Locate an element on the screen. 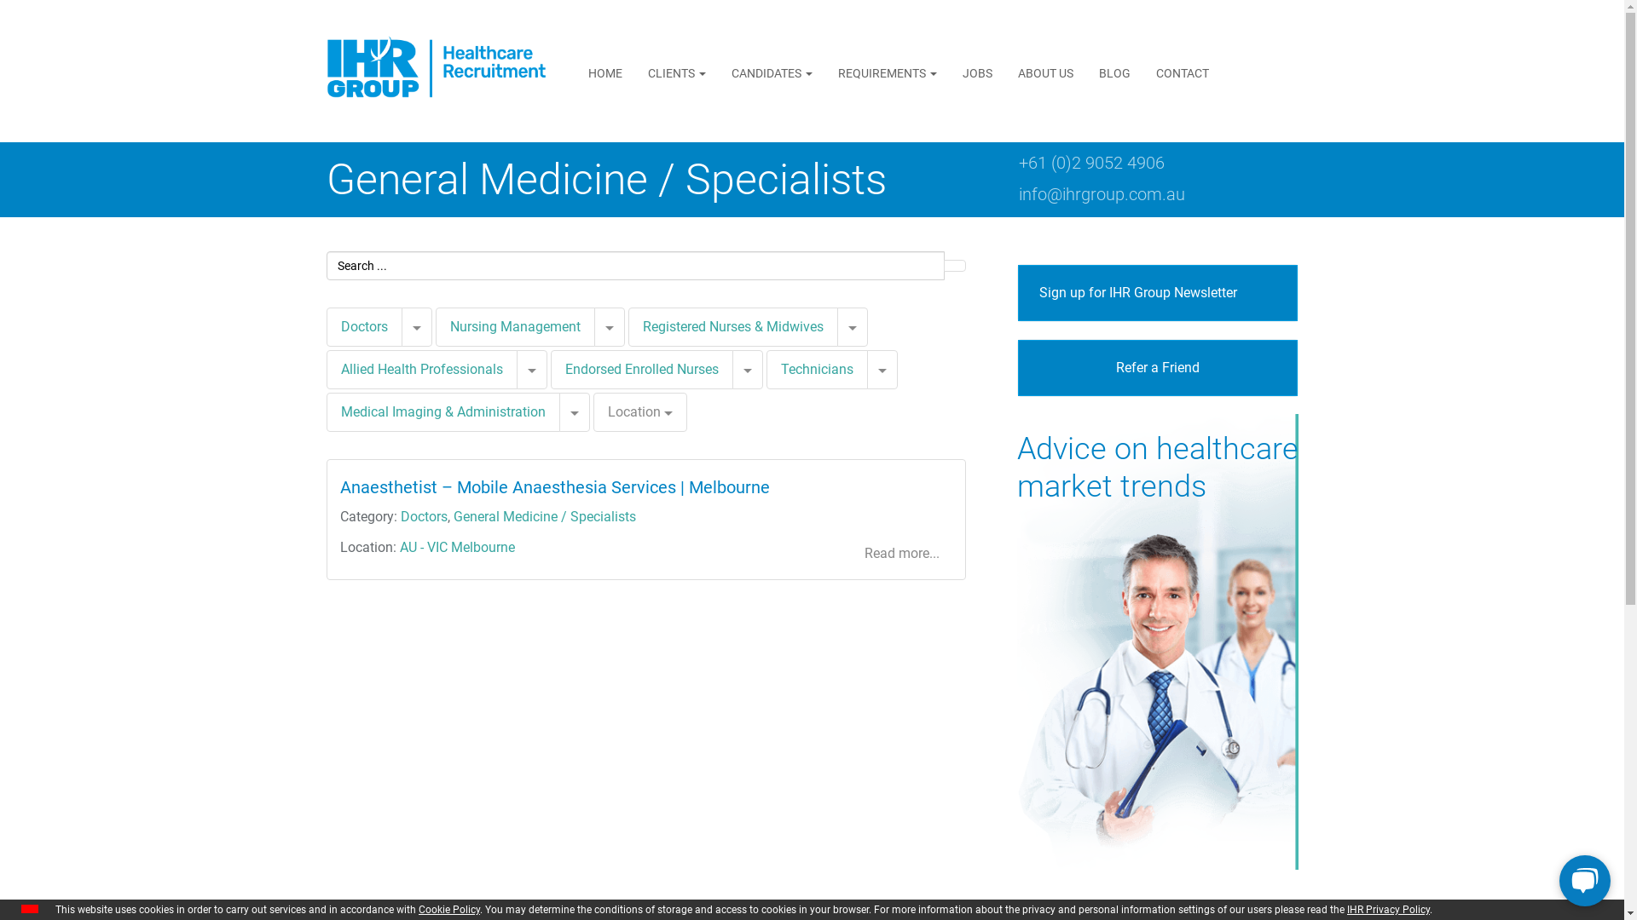  'Doctors' is located at coordinates (363, 326).